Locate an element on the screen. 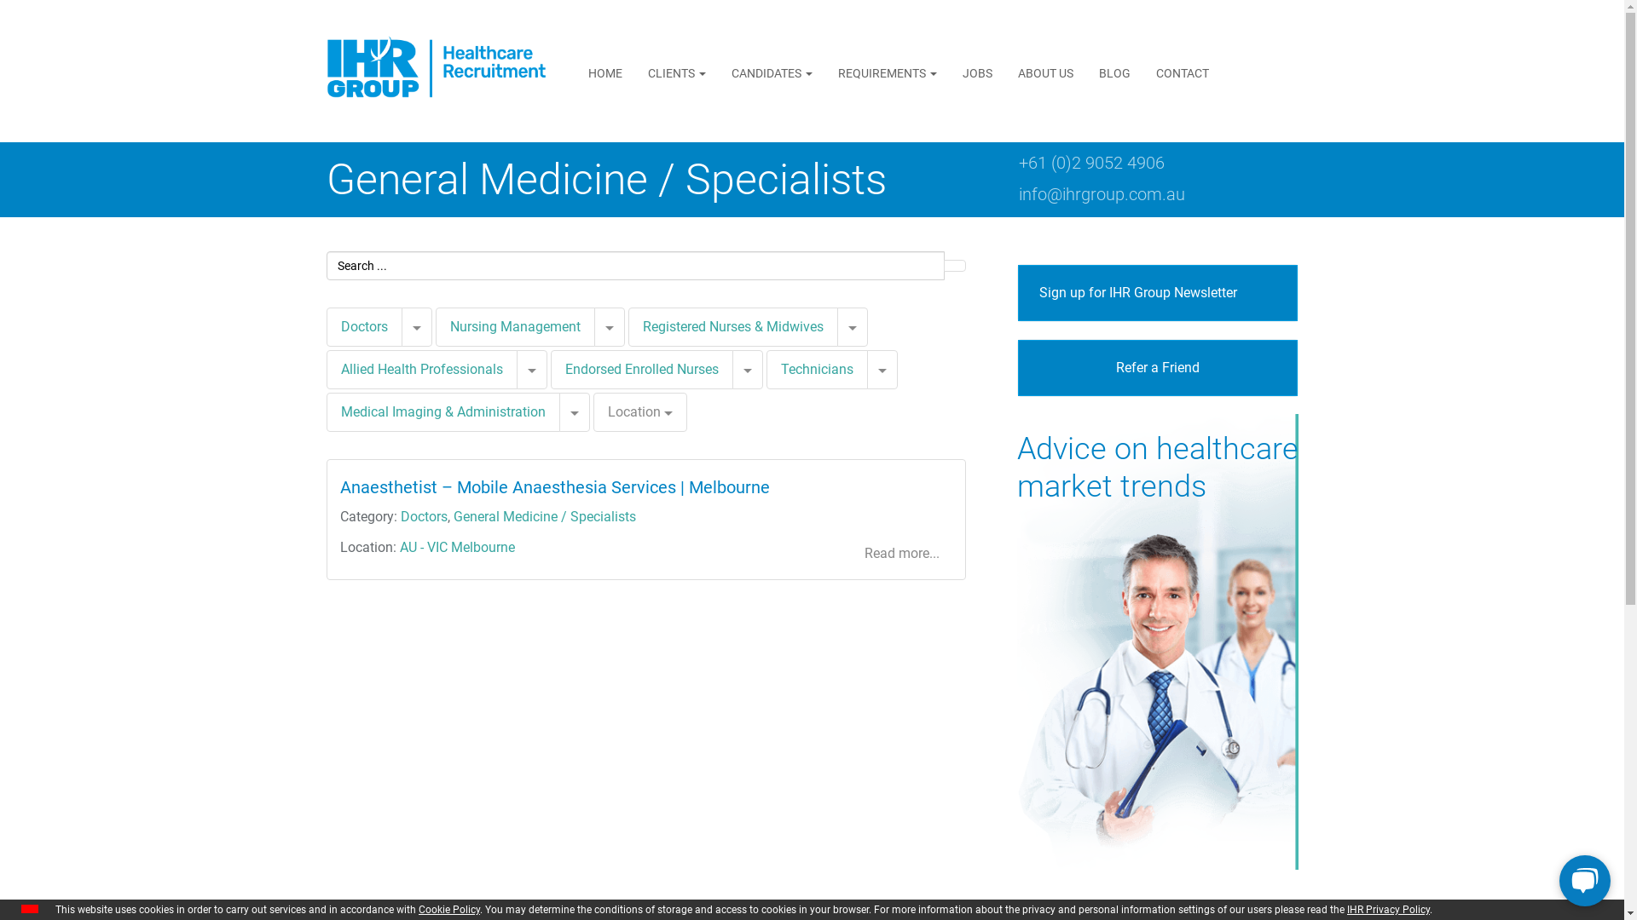  'Doctors' is located at coordinates (363, 326).